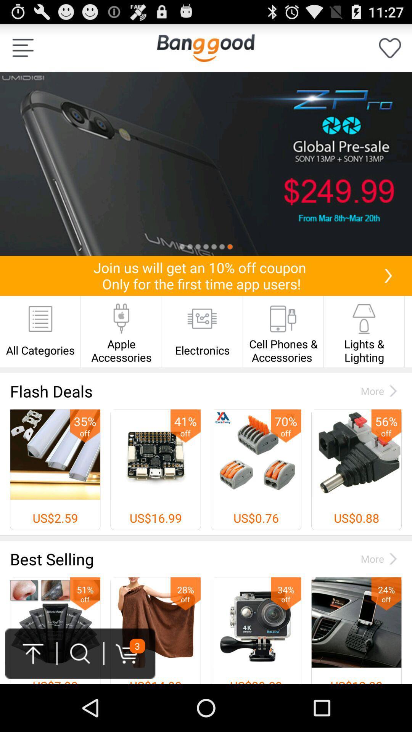 The width and height of the screenshot is (412, 732). Describe the element at coordinates (205, 47) in the screenshot. I see `clicking this takes me to the store 's home page` at that location.